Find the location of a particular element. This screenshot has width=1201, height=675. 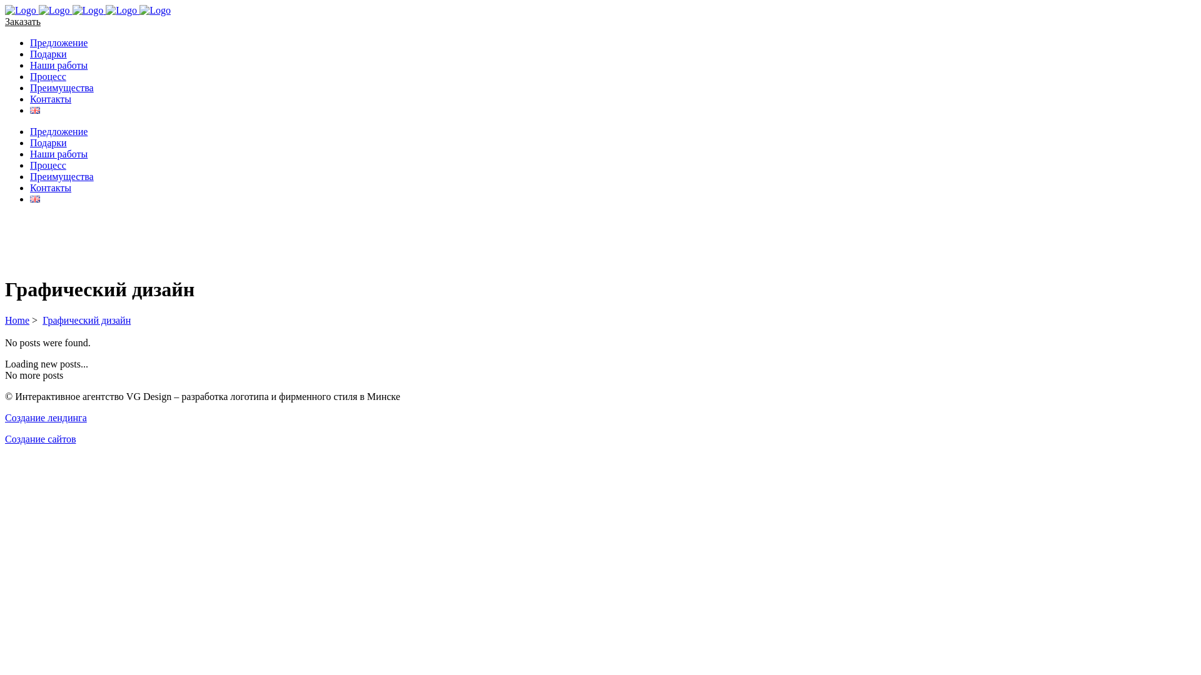

'Home' is located at coordinates (5, 319).